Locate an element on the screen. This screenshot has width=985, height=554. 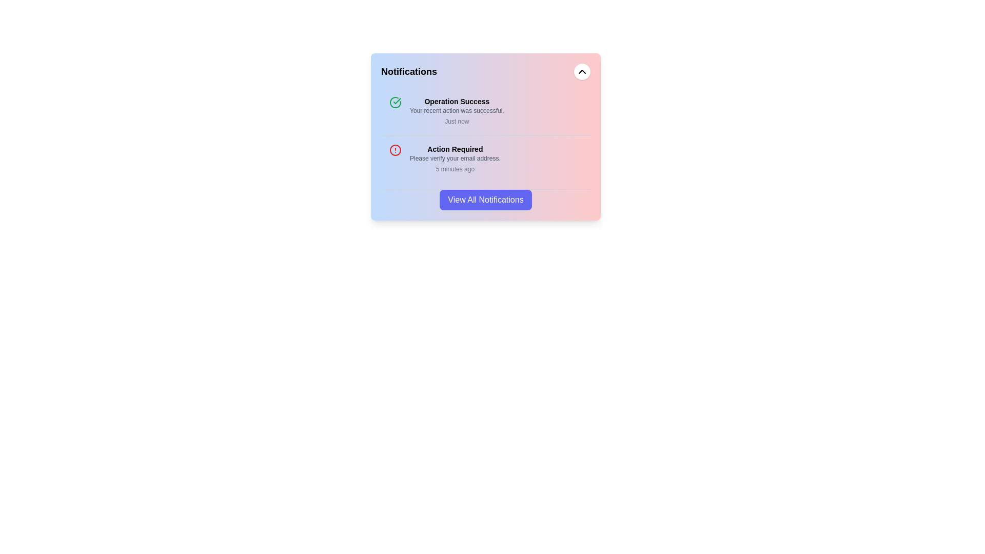
bold text header of the second notification entry in the notification card to understand the notification message is located at coordinates (455, 149).